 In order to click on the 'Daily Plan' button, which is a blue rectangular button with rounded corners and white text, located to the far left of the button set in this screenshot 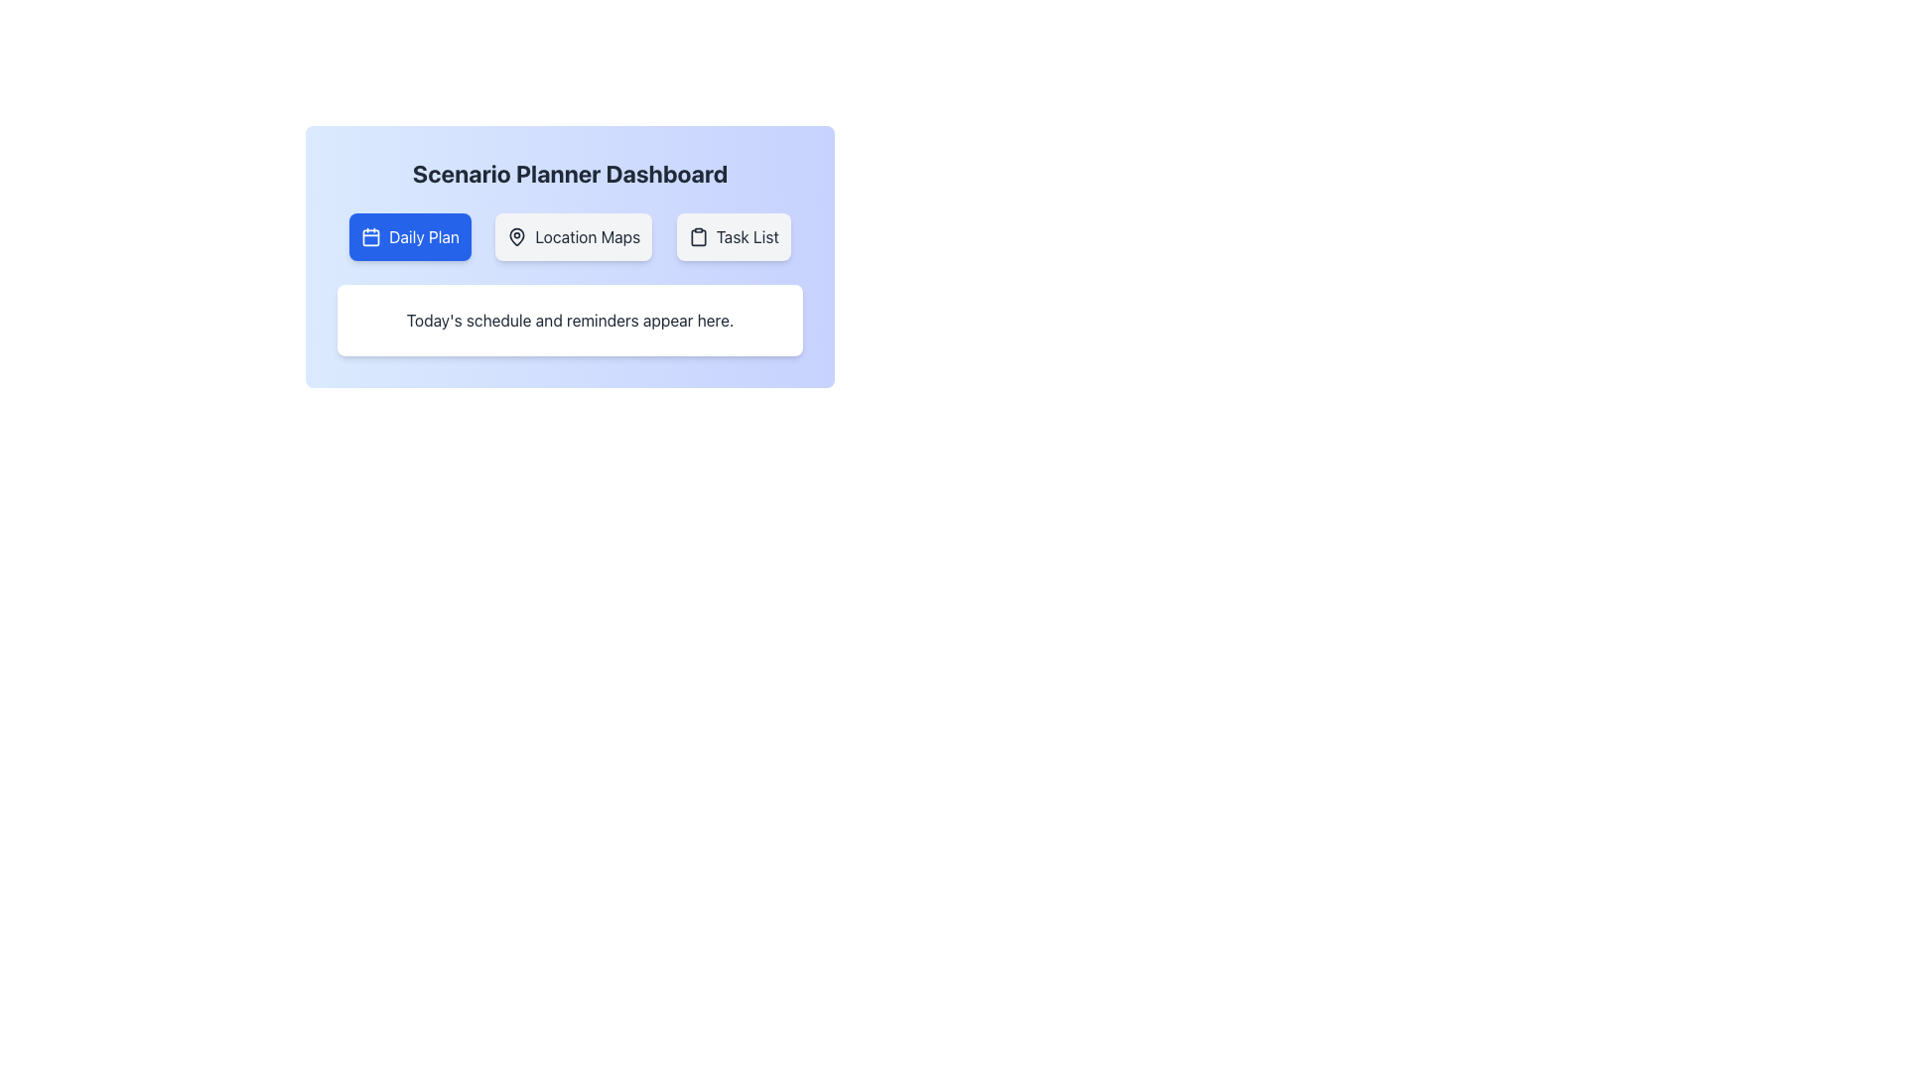, I will do `click(409, 236)`.